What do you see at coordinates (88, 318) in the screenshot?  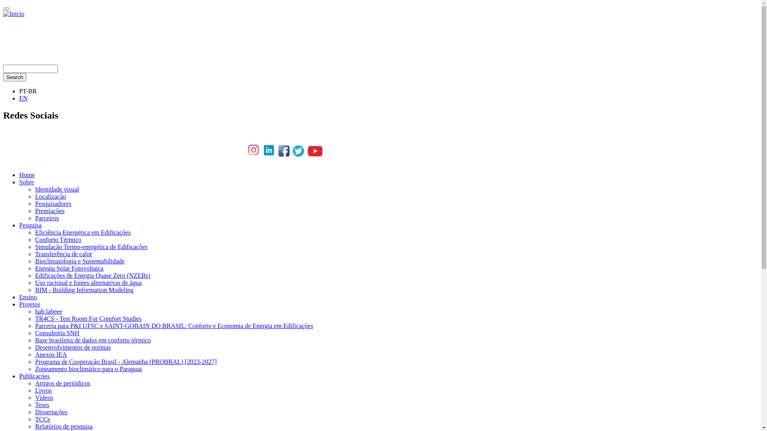 I see `'TR4CS - Test Room For Comfort Studies'` at bounding box center [88, 318].